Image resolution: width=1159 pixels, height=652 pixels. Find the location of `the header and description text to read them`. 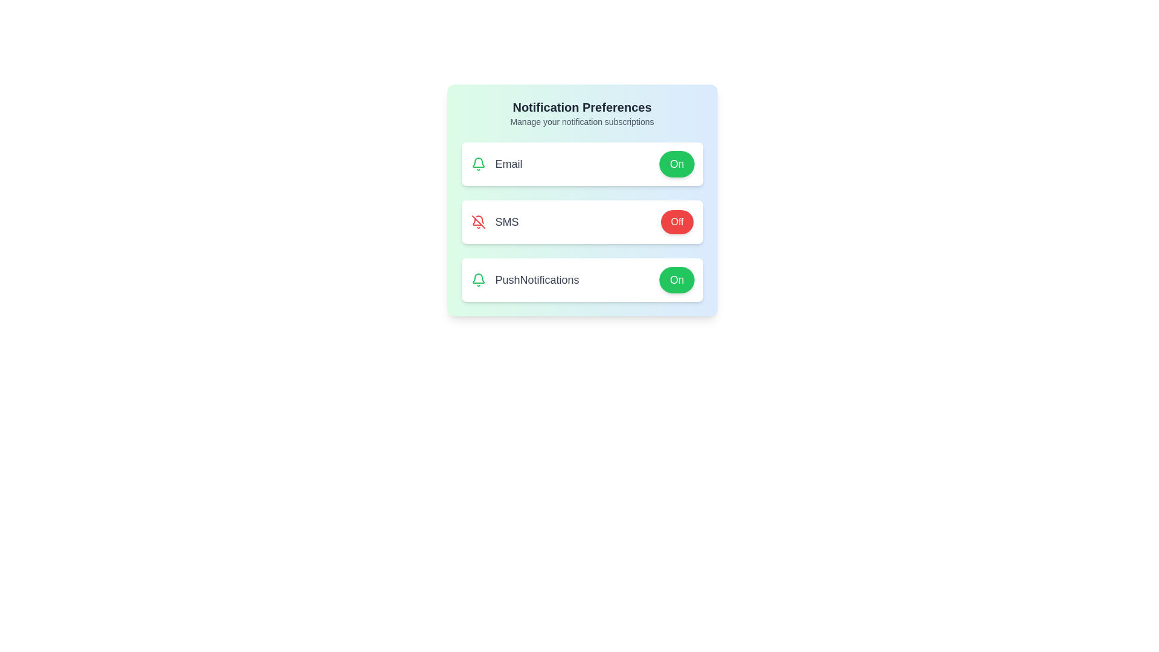

the header and description text to read them is located at coordinates (582, 106).